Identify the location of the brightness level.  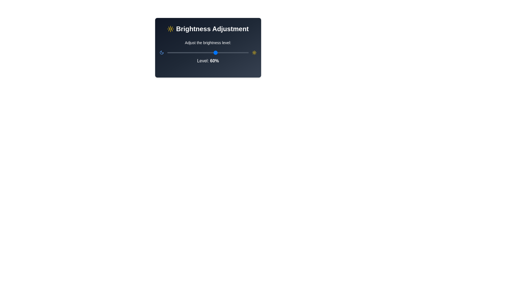
(214, 53).